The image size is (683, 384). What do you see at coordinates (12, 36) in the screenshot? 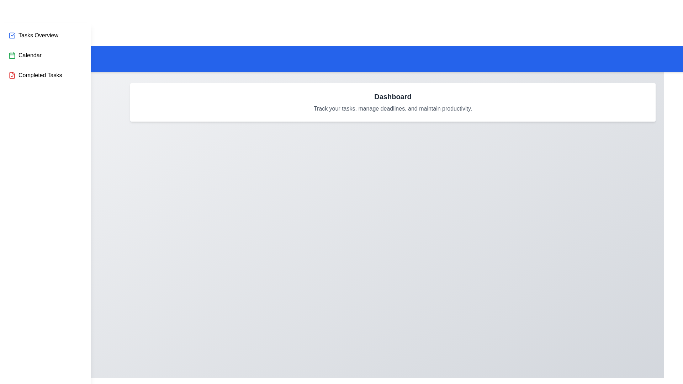
I see `the blue-bordered, white-filled square icon with a checkmark inside, located to the left of the 'Tasks Overview' text in the vertical navigation menu` at bounding box center [12, 36].